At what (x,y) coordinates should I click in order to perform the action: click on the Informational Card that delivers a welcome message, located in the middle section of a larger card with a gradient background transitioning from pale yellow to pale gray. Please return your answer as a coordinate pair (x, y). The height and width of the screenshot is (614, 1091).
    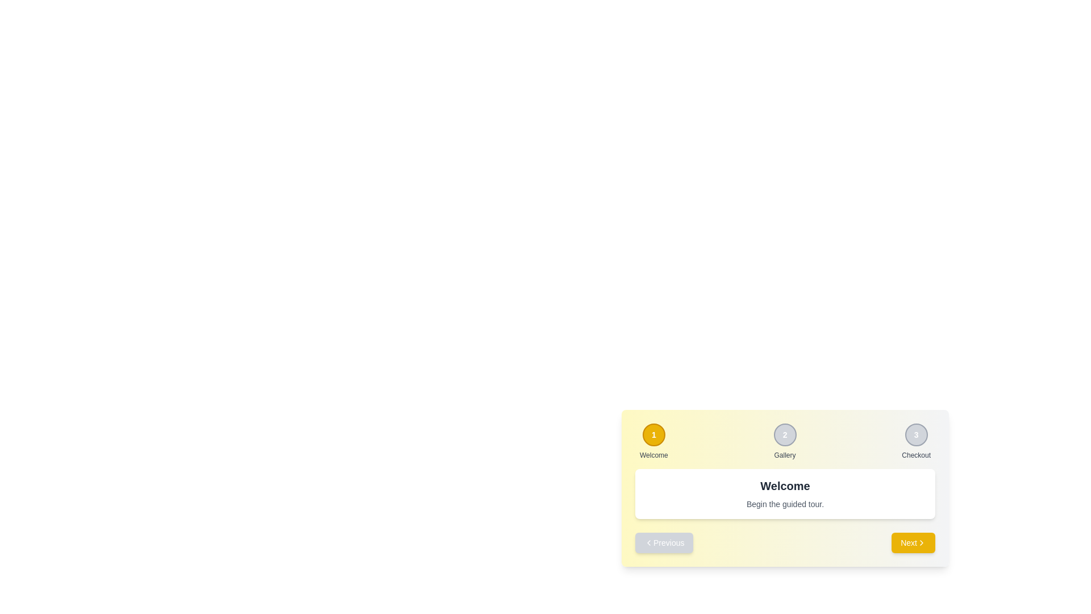
    Looking at the image, I should click on (785, 493).